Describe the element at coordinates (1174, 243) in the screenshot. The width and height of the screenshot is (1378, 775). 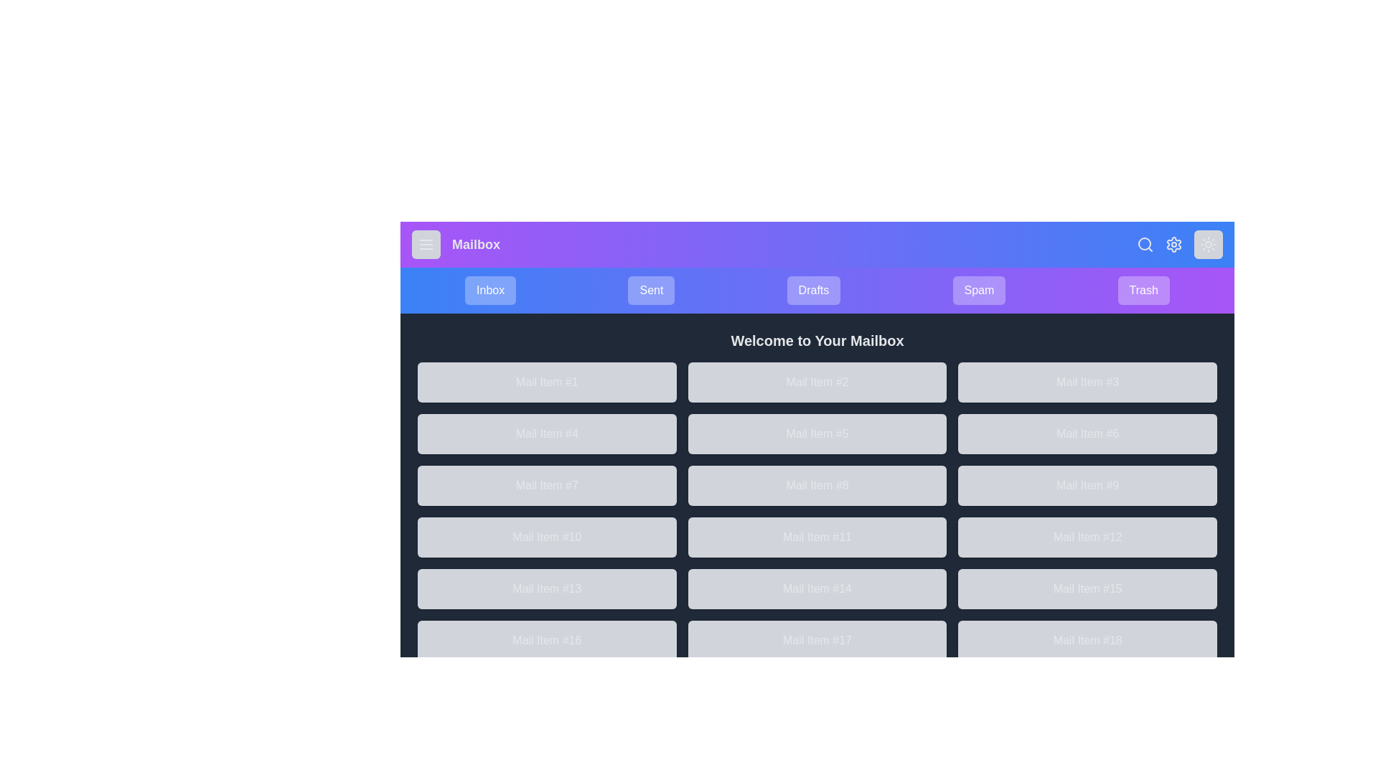
I see `the settings icon in the top right corner of the app bar to access the settings menu` at that location.